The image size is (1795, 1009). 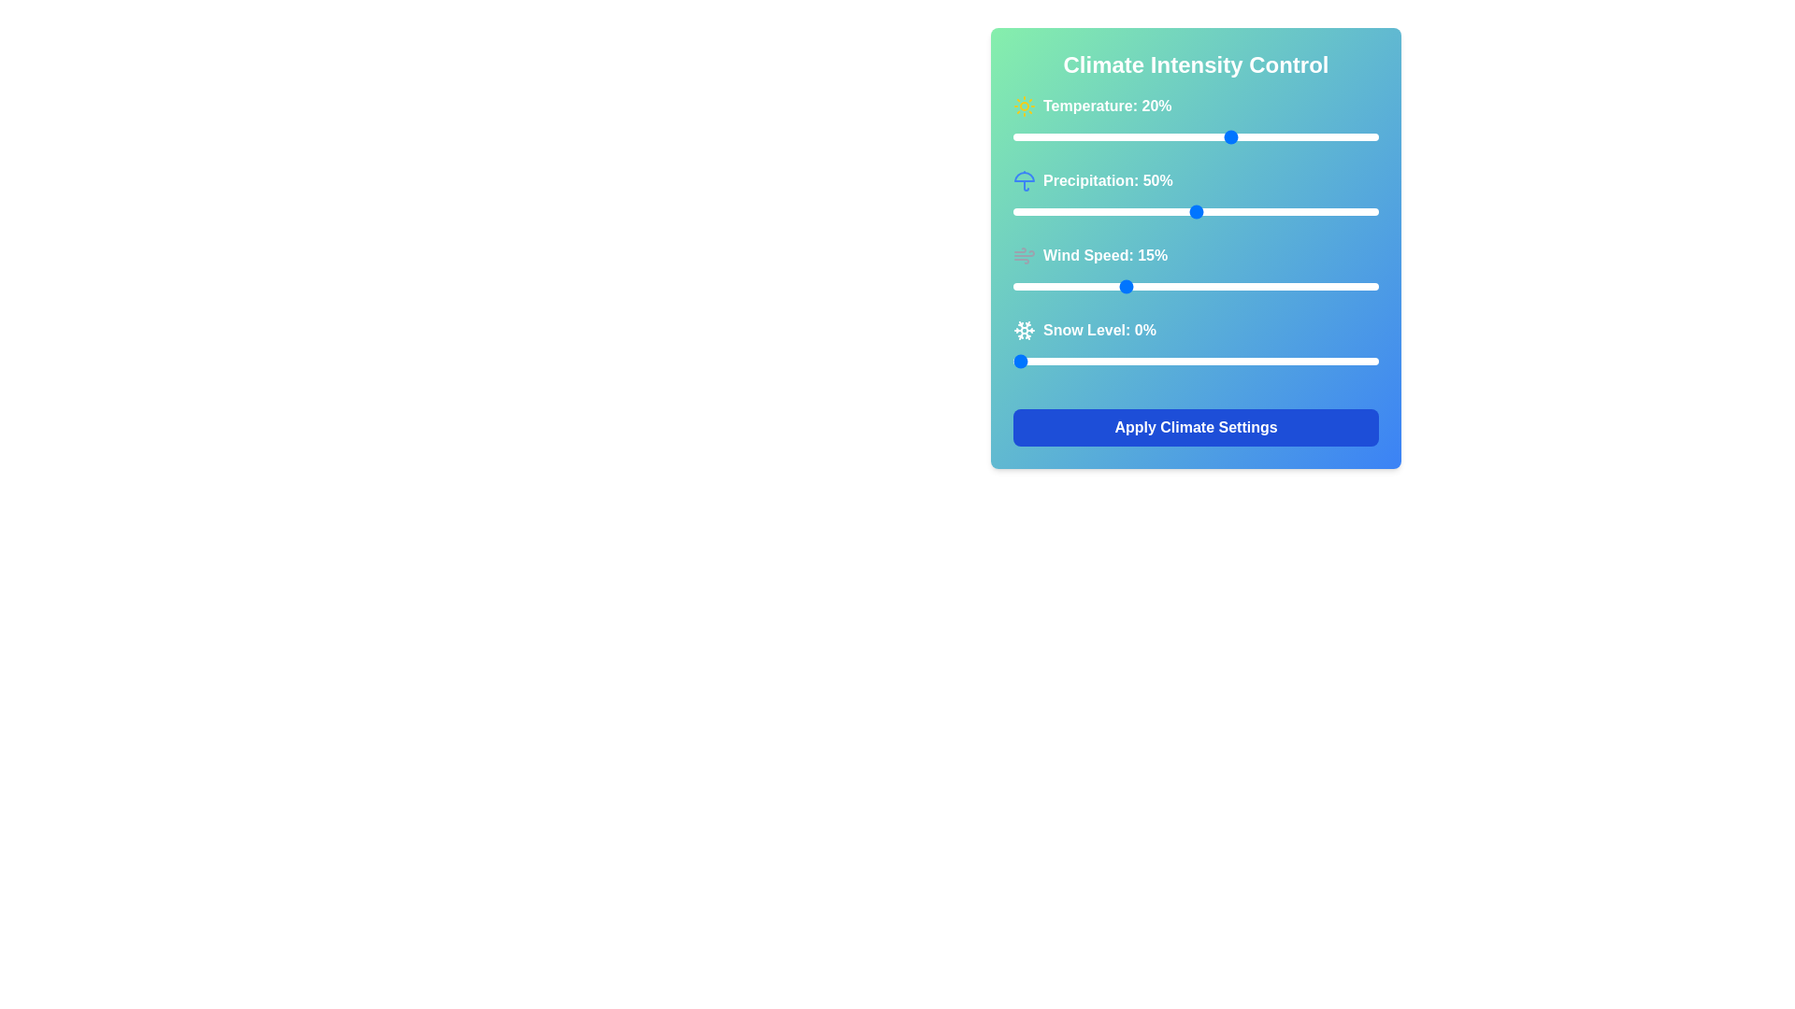 I want to click on the snow level, so click(x=1319, y=361).